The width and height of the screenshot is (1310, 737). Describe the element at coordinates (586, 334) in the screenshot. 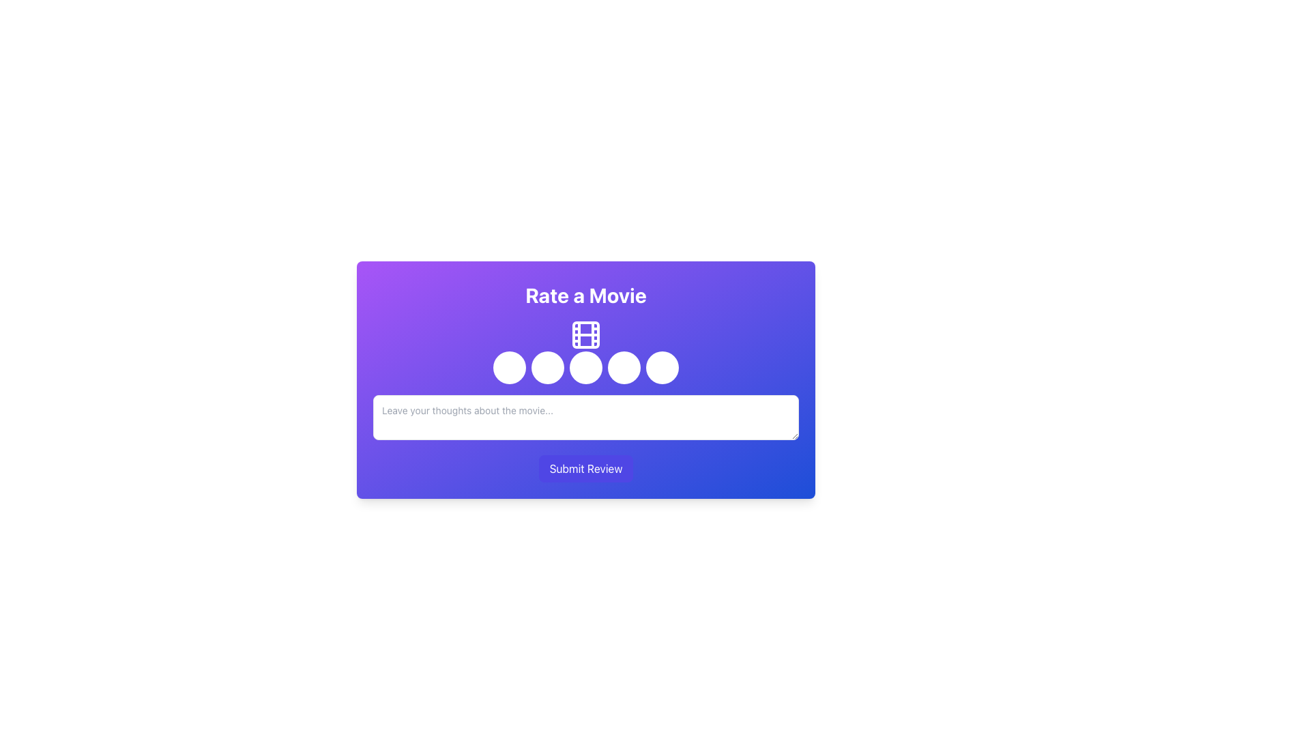

I see `the central decorative SVG rectangle that visually represents a segment of a film strip, located above the five rating circles and below the 'Rate a Movie' text header` at that location.